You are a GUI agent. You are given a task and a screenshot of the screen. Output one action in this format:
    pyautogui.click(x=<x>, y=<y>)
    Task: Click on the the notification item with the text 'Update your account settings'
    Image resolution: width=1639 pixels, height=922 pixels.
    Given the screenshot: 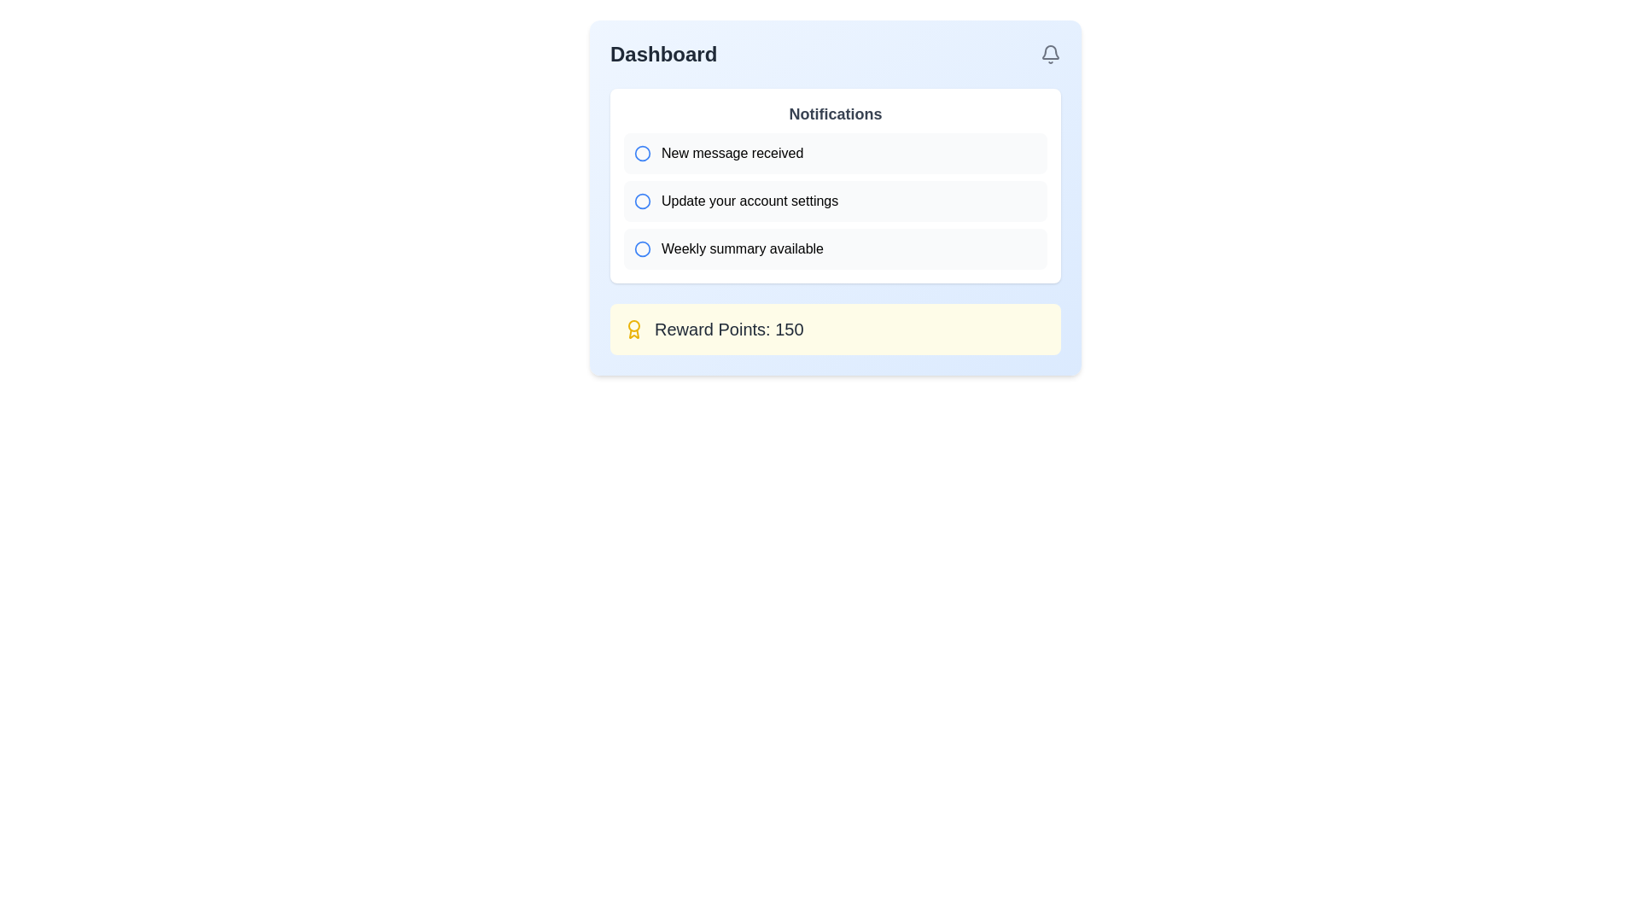 What is the action you would take?
    pyautogui.click(x=836, y=200)
    